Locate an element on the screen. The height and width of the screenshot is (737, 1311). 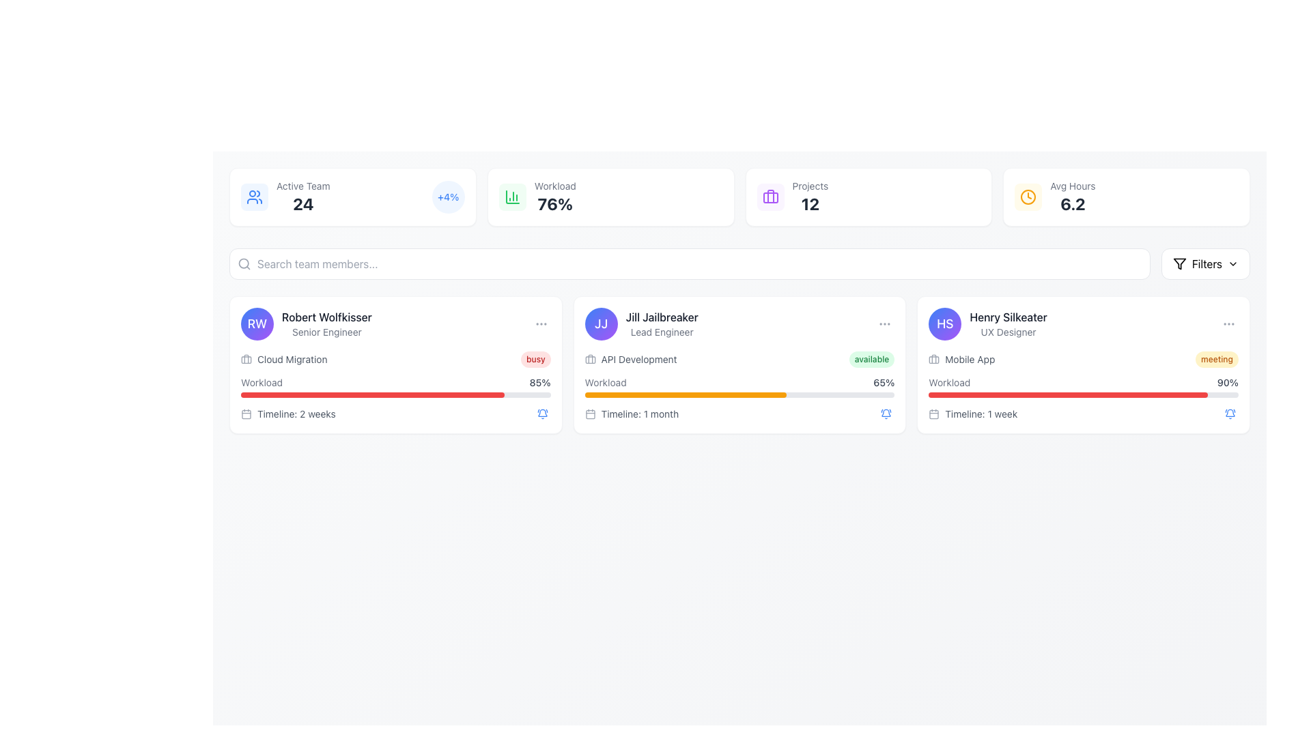
the vertically-aligned ellipsis icon, which consists of three small gray circles stacked vertically, located in the top-right corner of the card labeled 'Henry Silkeater' is located at coordinates (1228, 323).